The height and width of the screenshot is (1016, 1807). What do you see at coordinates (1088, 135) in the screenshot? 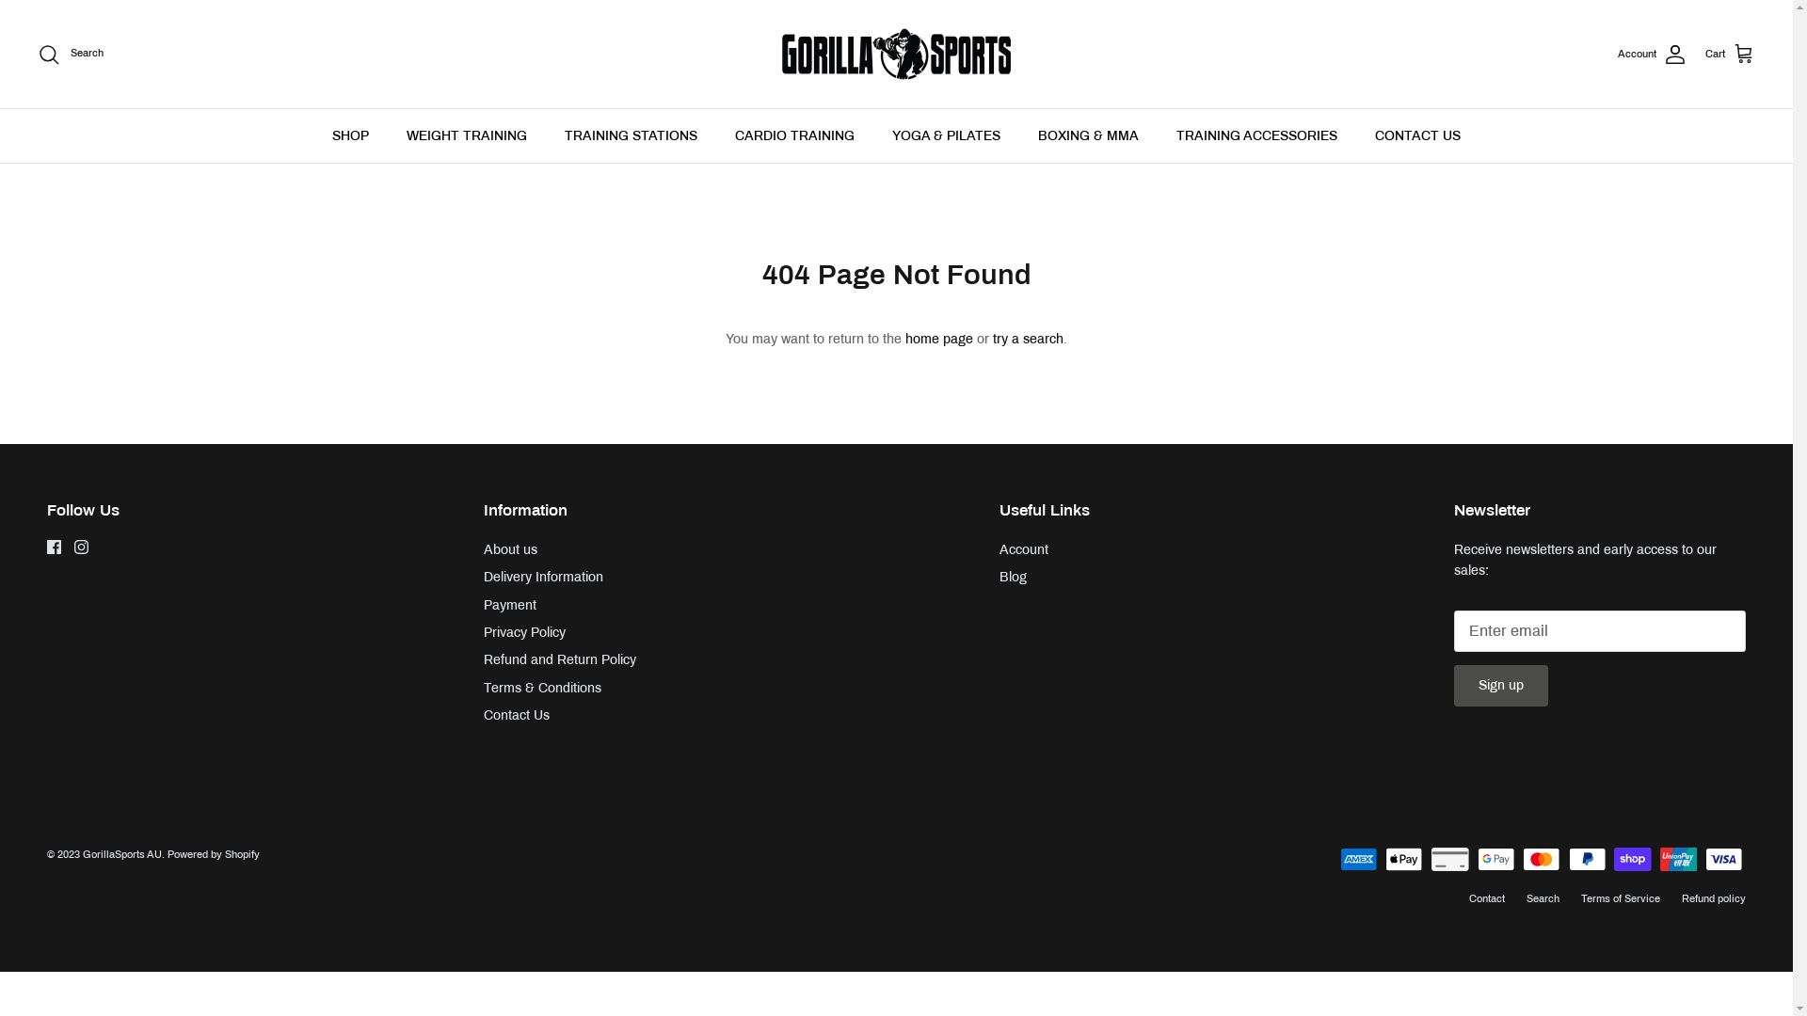
I see `'BOXING & MMA'` at bounding box center [1088, 135].